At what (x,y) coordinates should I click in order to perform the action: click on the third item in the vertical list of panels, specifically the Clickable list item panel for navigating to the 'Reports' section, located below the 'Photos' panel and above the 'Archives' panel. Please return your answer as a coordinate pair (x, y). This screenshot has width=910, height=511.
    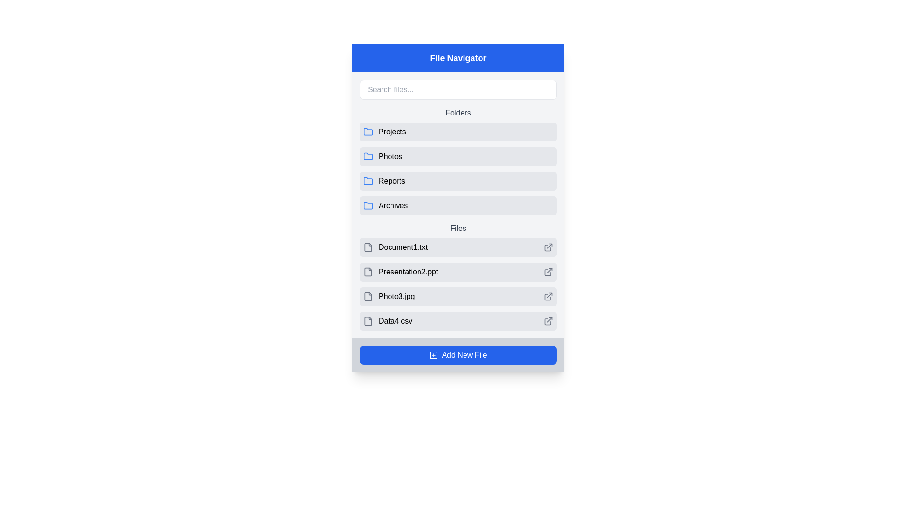
    Looking at the image, I should click on (458, 181).